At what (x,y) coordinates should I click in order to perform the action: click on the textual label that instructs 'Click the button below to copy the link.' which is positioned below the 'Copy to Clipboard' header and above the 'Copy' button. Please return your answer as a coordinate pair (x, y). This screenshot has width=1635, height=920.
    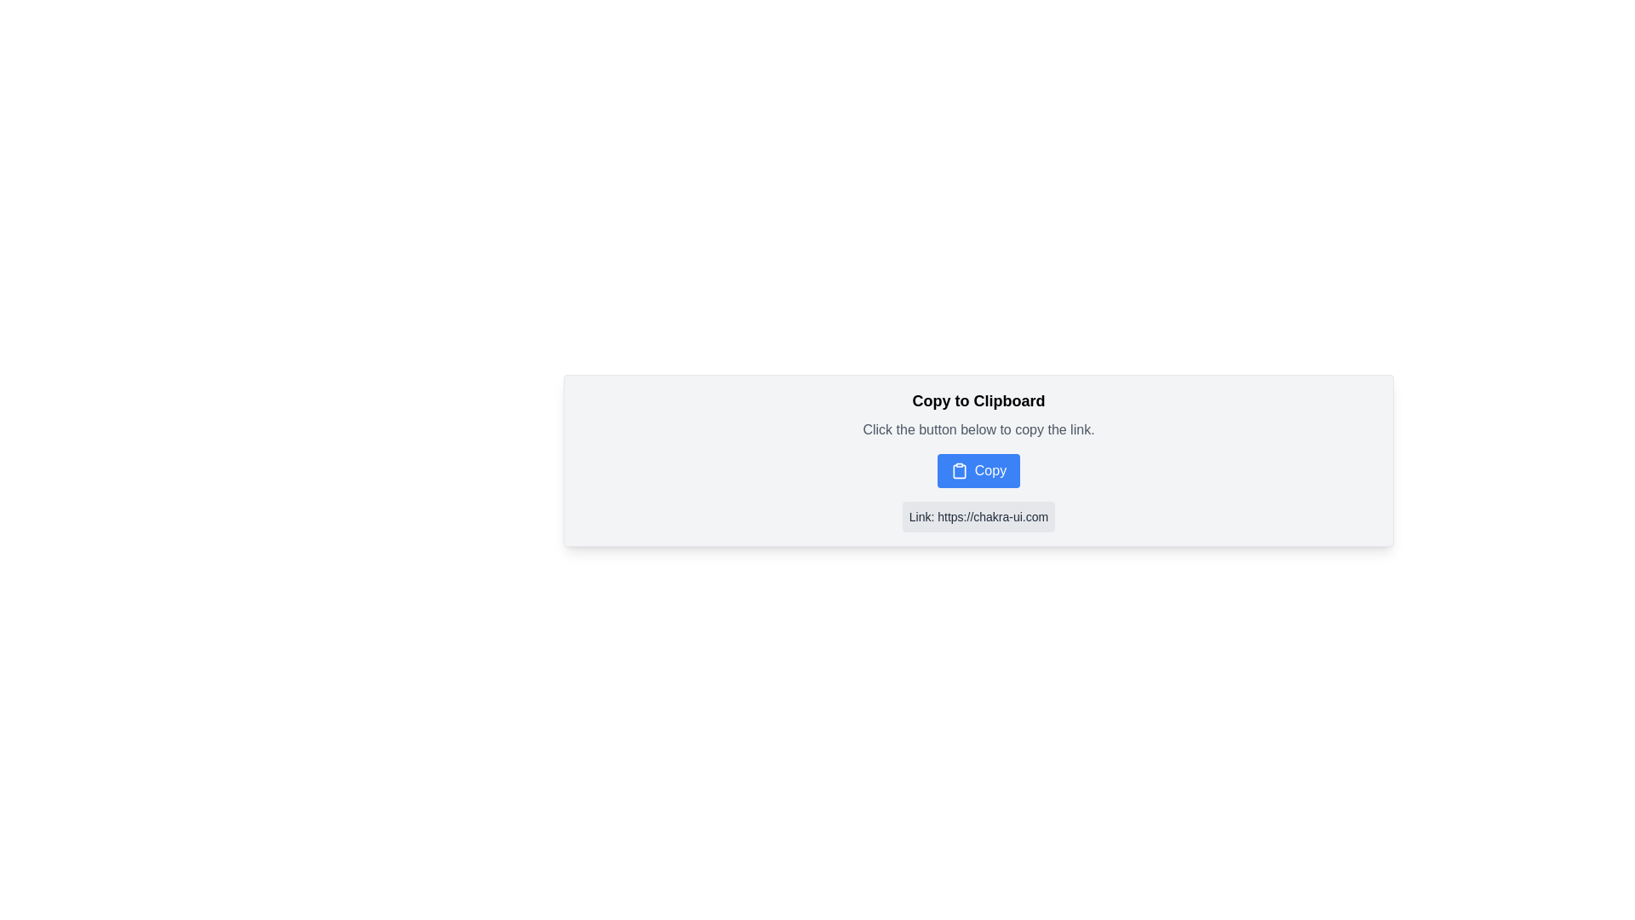
    Looking at the image, I should click on (978, 429).